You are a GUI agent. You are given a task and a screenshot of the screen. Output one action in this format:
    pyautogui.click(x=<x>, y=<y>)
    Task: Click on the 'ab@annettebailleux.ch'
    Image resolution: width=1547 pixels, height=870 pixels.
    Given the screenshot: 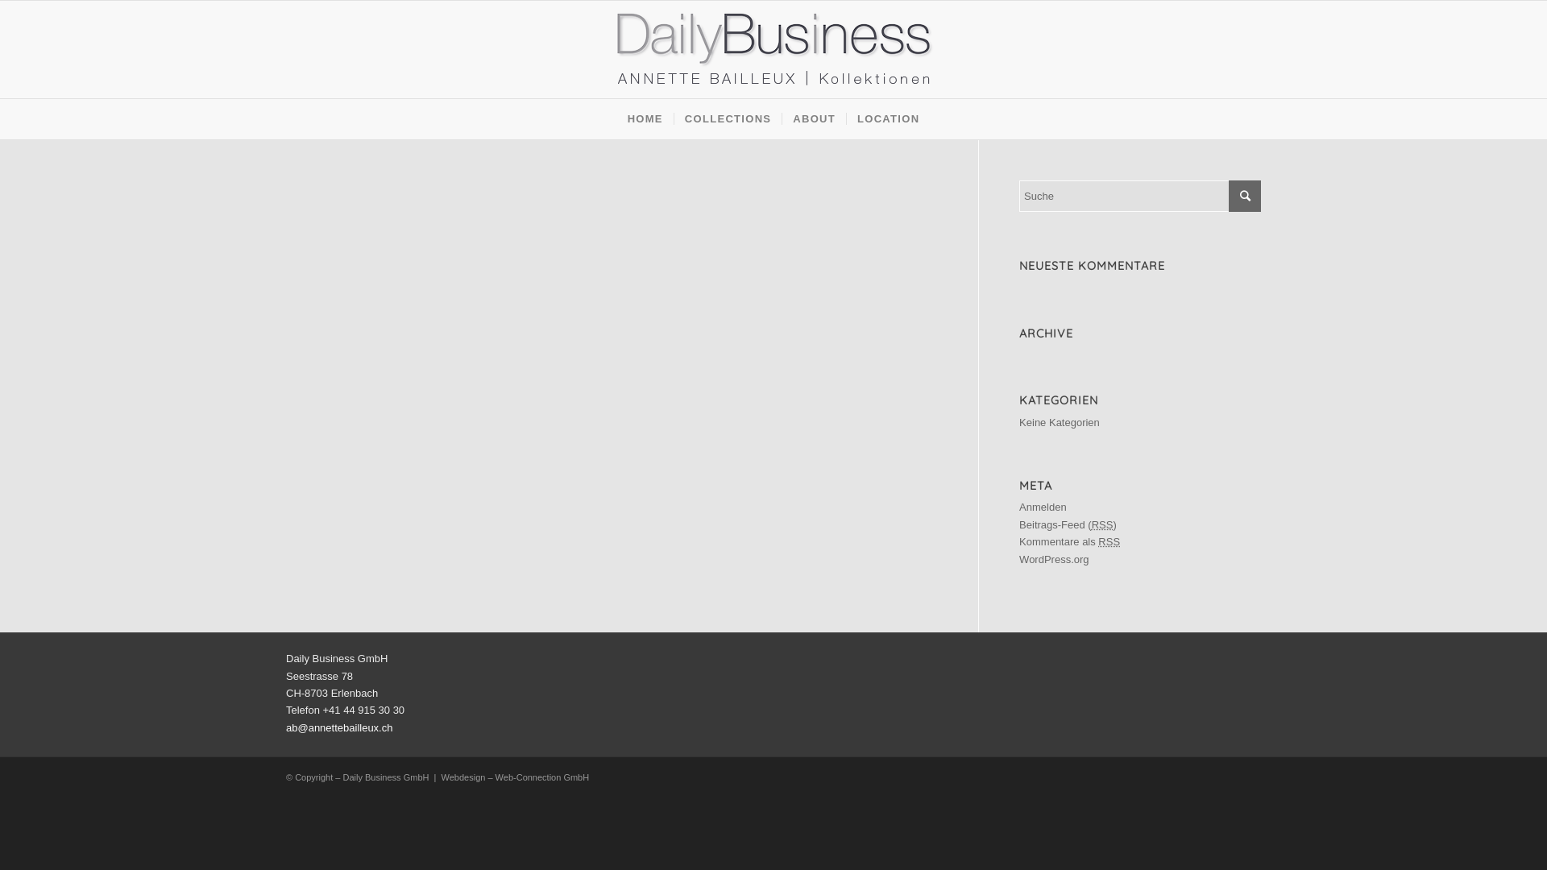 What is the action you would take?
    pyautogui.click(x=286, y=727)
    